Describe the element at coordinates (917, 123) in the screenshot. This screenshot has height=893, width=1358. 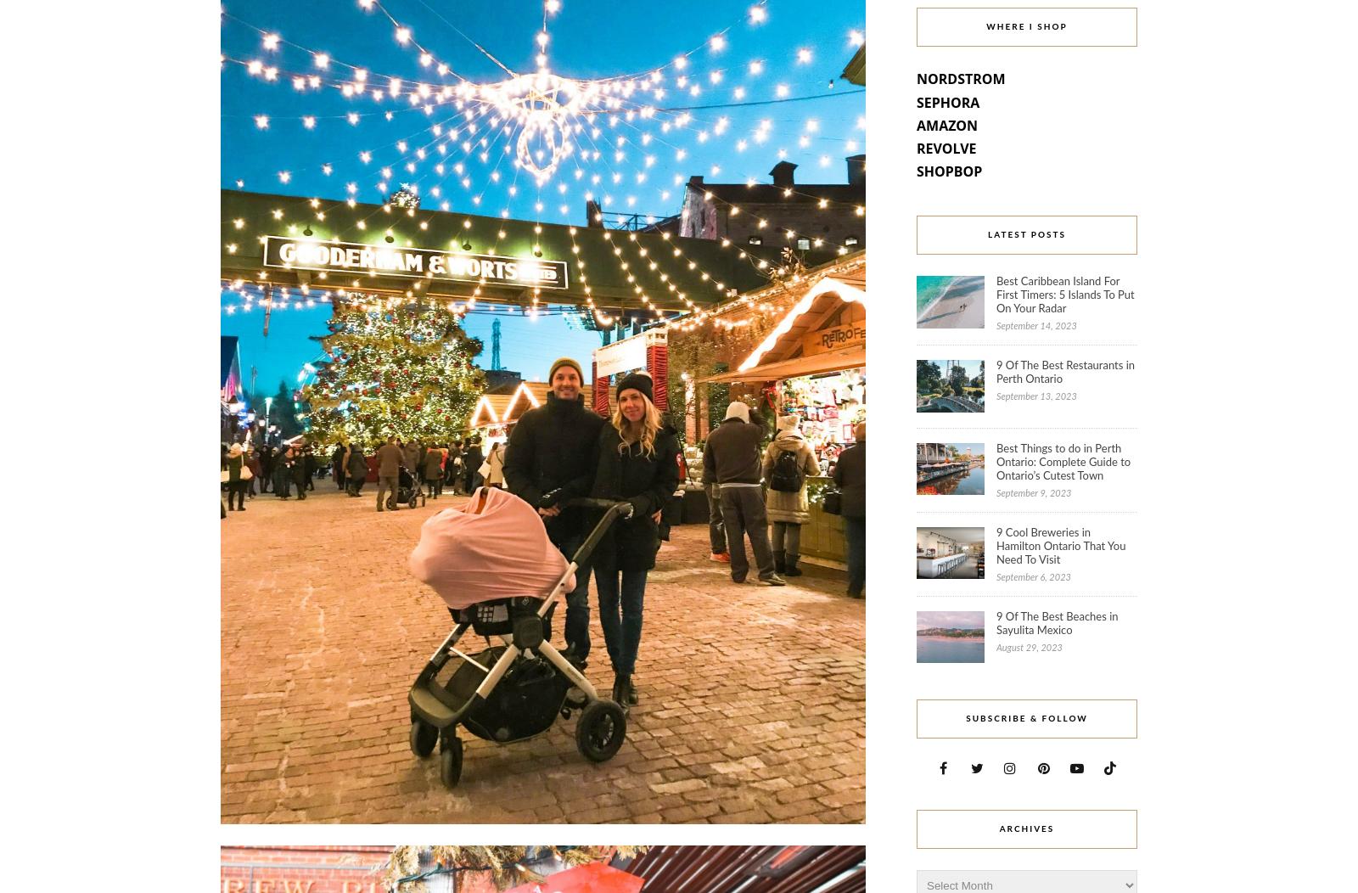
I see `'AMAZON'` at that location.